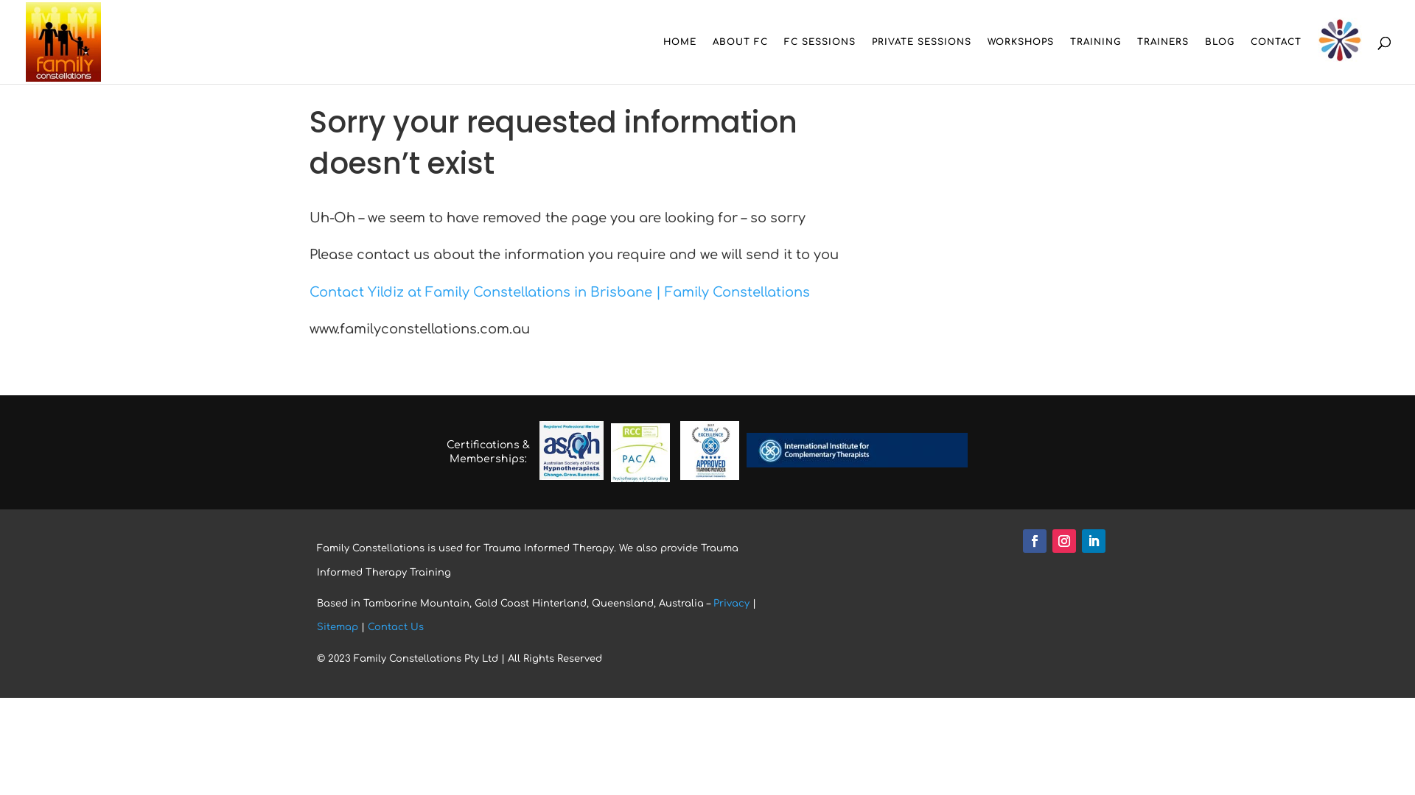  I want to click on 'Follow on Facebook', so click(1033, 541).